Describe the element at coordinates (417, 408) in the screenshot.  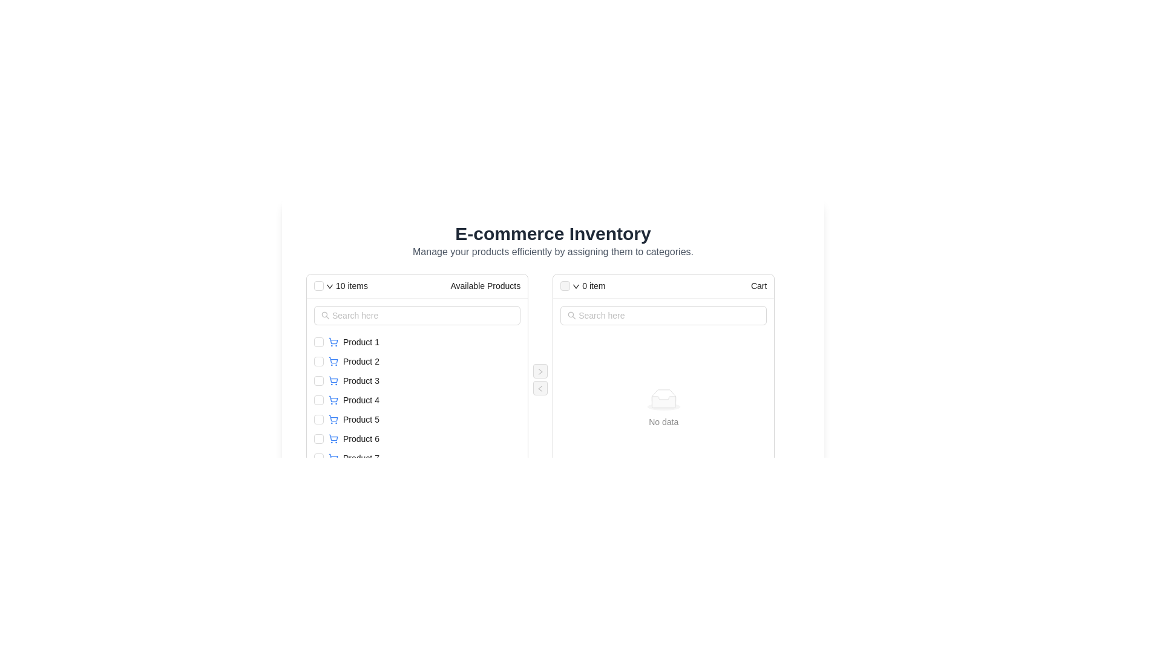
I see `the checkbox of a product item in the list section of 'Available Products'` at that location.